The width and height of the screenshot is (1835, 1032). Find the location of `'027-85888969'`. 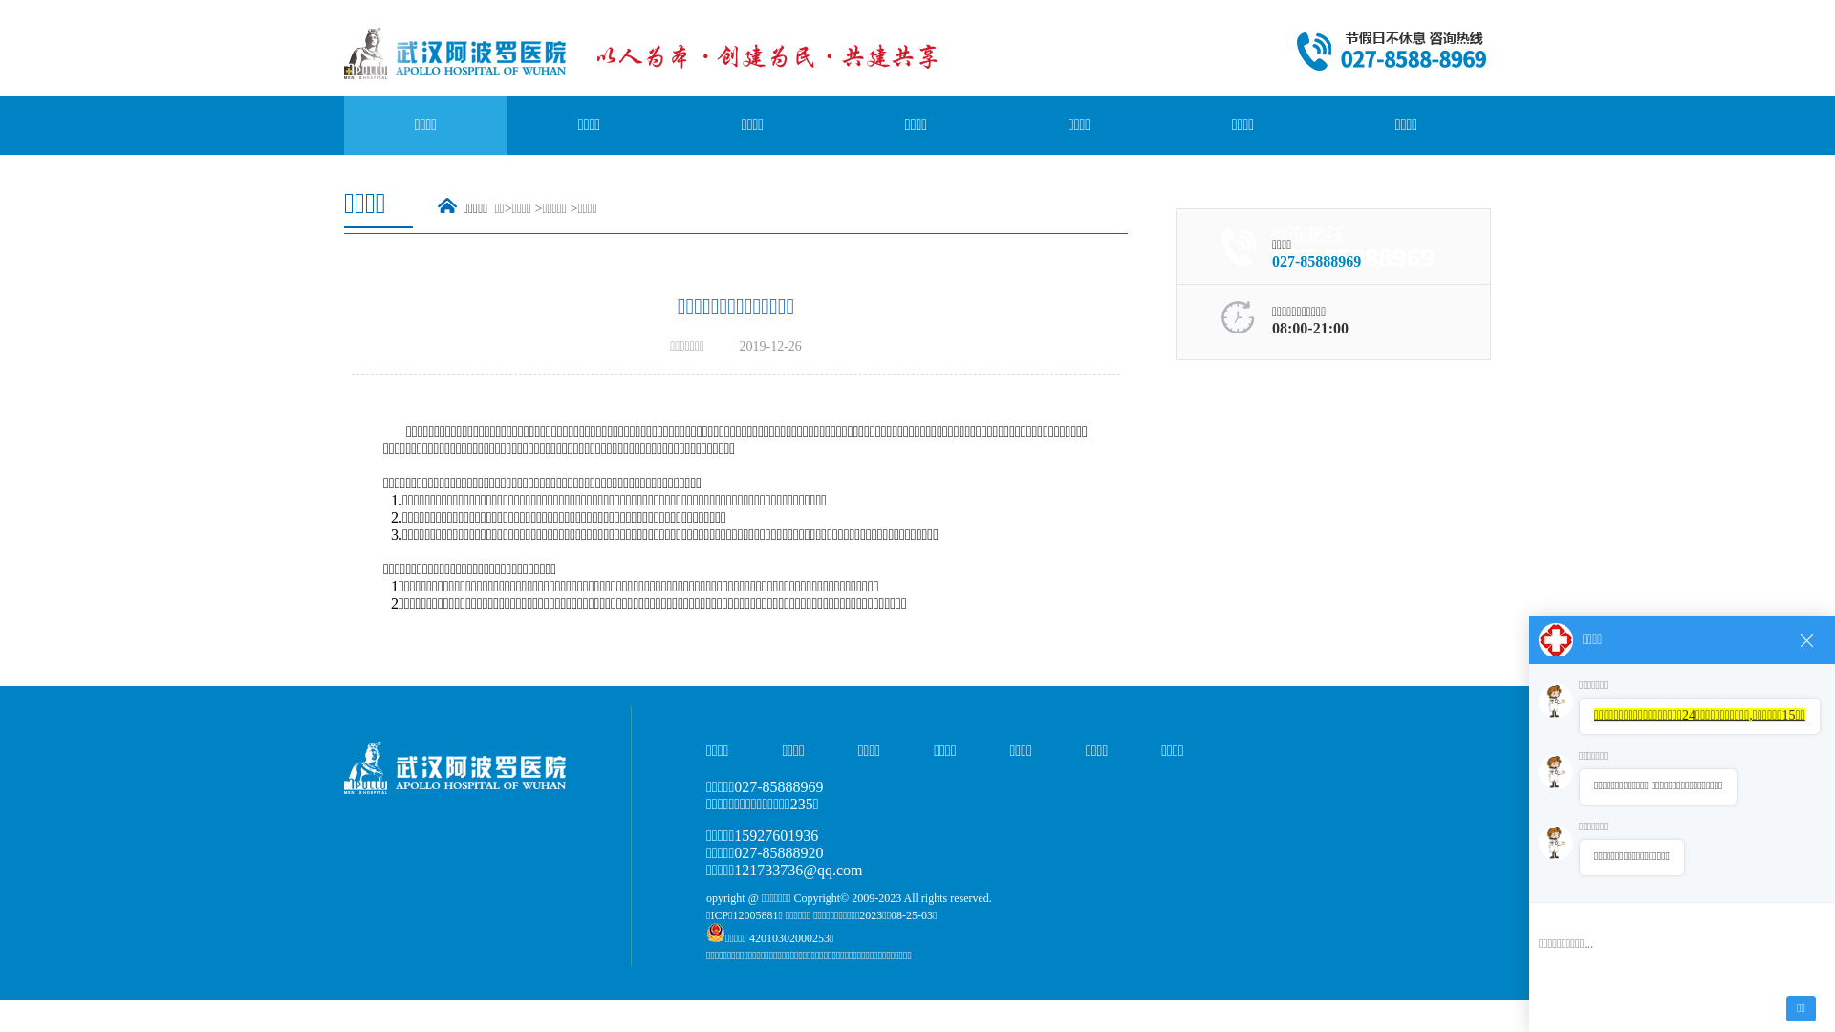

'027-85888969' is located at coordinates (1315, 261).